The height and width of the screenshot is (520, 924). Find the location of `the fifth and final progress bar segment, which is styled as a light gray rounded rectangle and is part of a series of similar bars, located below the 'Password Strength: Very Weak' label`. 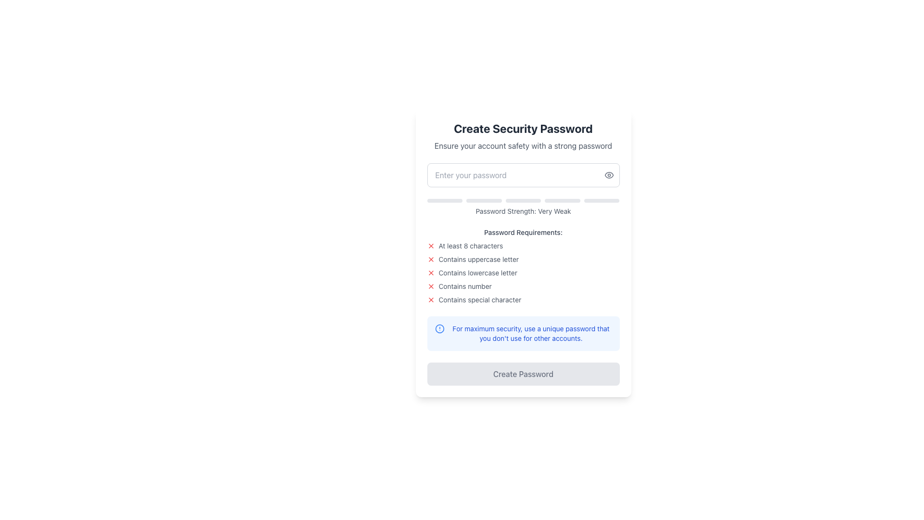

the fifth and final progress bar segment, which is styled as a light gray rounded rectangle and is part of a series of similar bars, located below the 'Password Strength: Very Weak' label is located at coordinates (601, 200).